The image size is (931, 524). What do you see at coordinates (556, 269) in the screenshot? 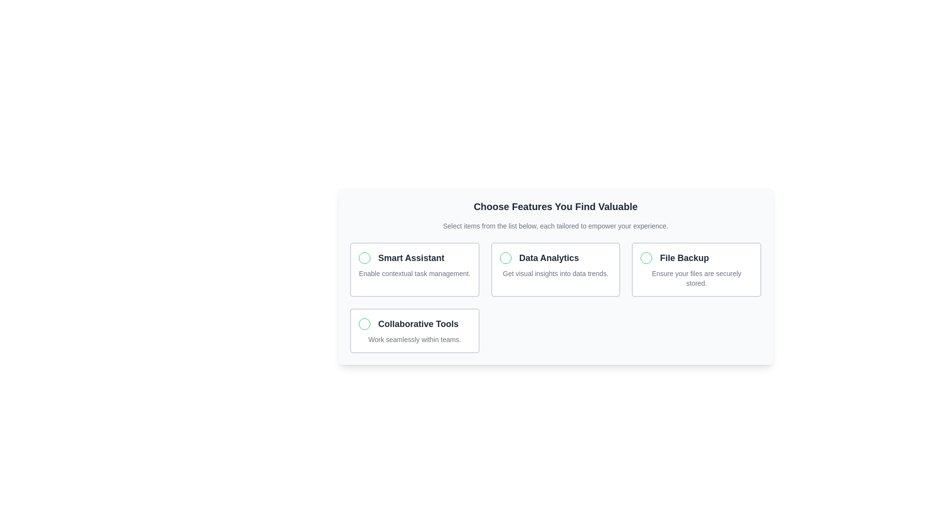
I see `the feature Data Analytics` at bounding box center [556, 269].